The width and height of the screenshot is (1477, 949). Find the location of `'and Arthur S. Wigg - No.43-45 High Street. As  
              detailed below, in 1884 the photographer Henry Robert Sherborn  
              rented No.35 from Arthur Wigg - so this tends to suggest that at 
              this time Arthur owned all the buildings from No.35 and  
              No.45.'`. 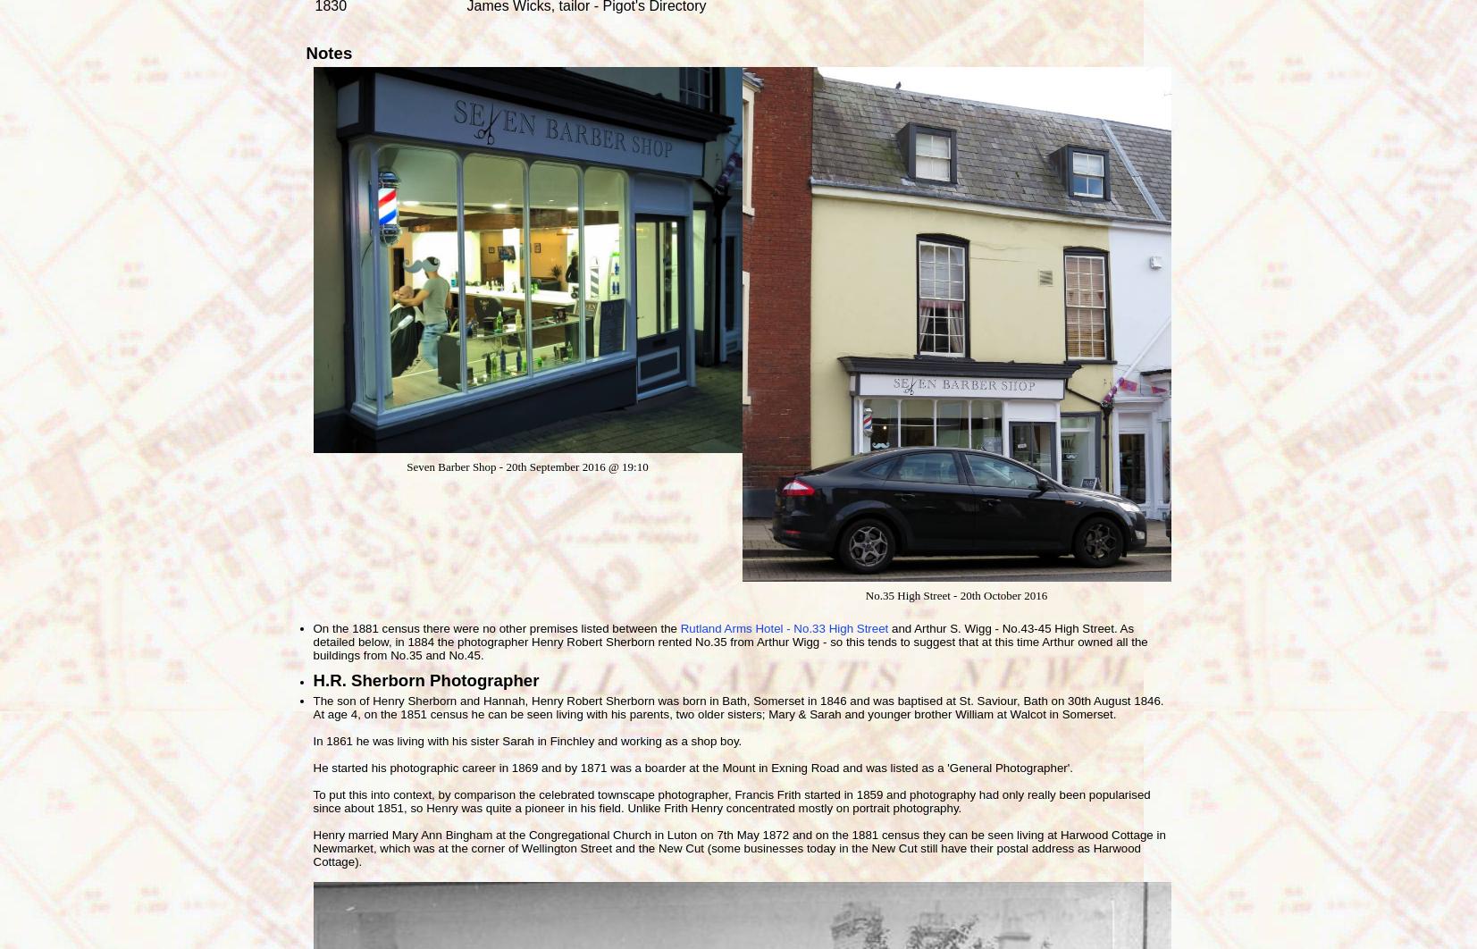

'and Arthur S. Wigg - No.43-45 High Street. As  
              detailed below, in 1884 the photographer Henry Robert Sherborn  
              rented No.35 from Arthur Wigg - so this tends to suggest that at 
              this time Arthur owned all the buildings from No.35 and  
              No.45.' is located at coordinates (729, 642).